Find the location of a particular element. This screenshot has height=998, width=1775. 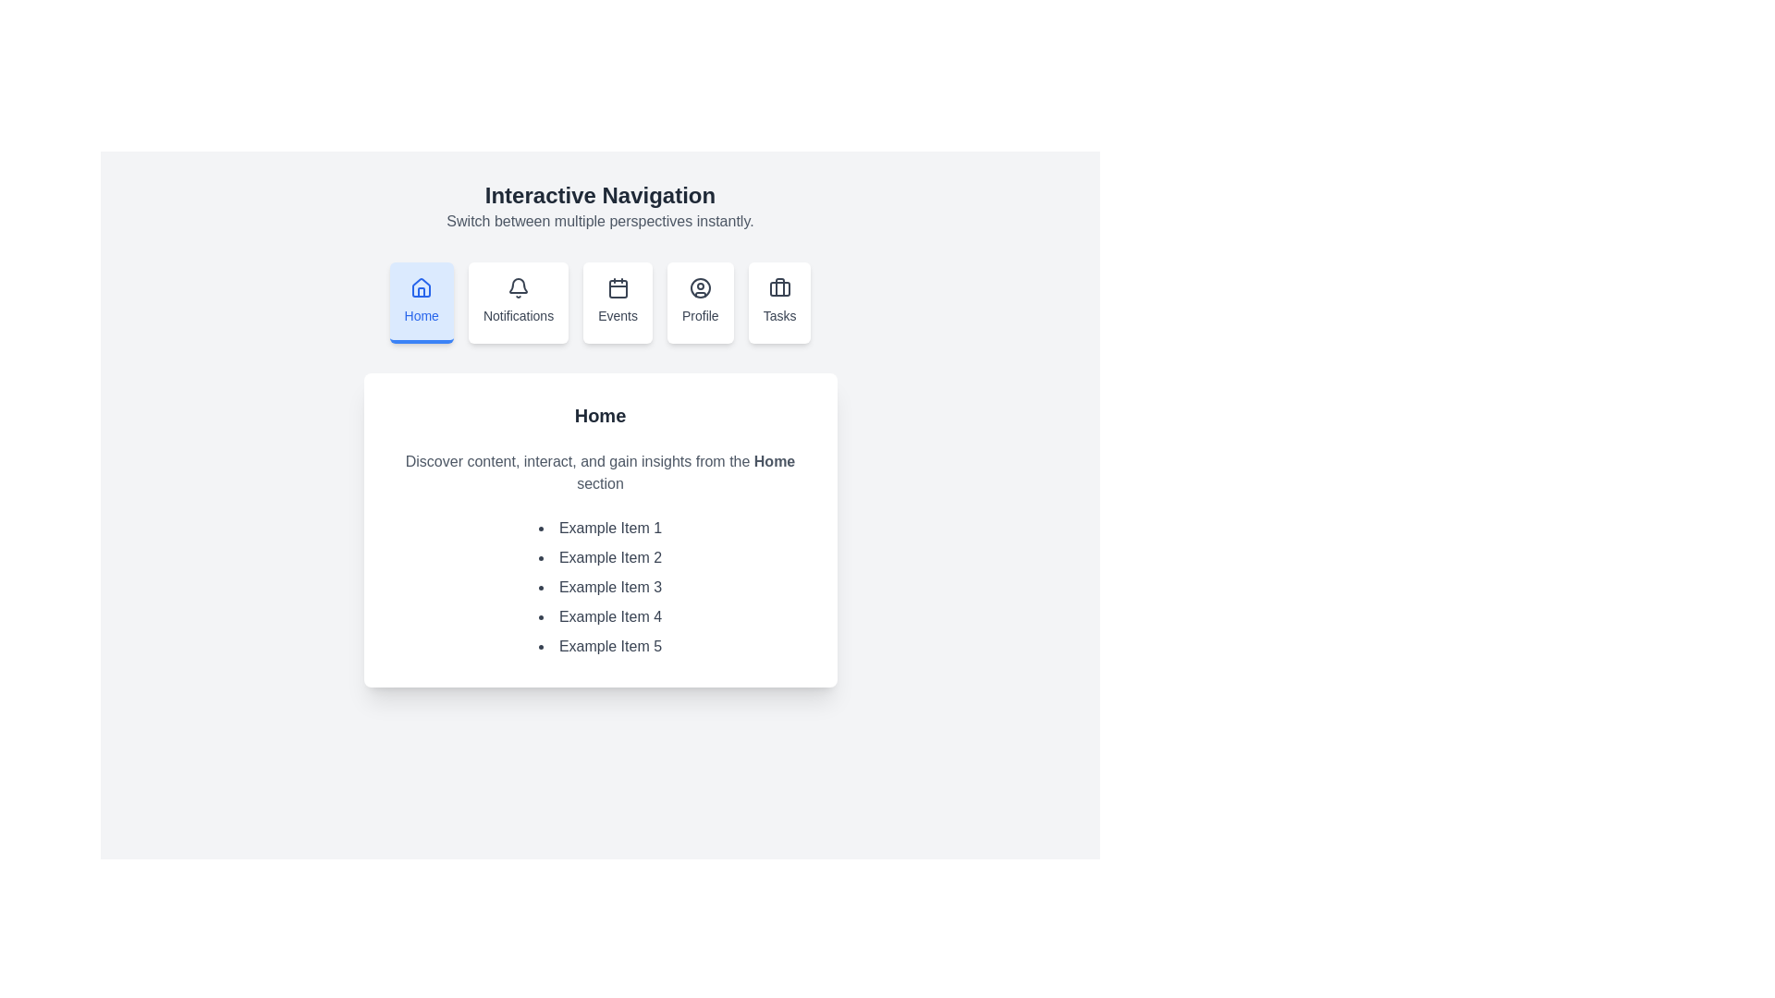

the 'Profile' navigation button located in the horizontal navigation bar, which is the fourth item from the left is located at coordinates (699, 301).